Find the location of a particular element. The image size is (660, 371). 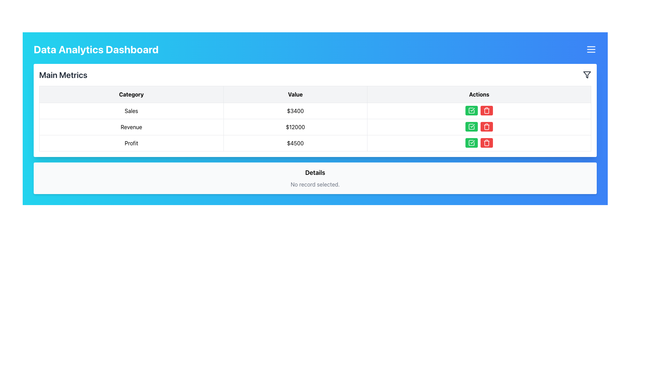

text label displaying 'Profit' located in the first column of the last row of a data table under the 'Category' header, positioned to the left of the numerical value '$4500' is located at coordinates (131, 143).